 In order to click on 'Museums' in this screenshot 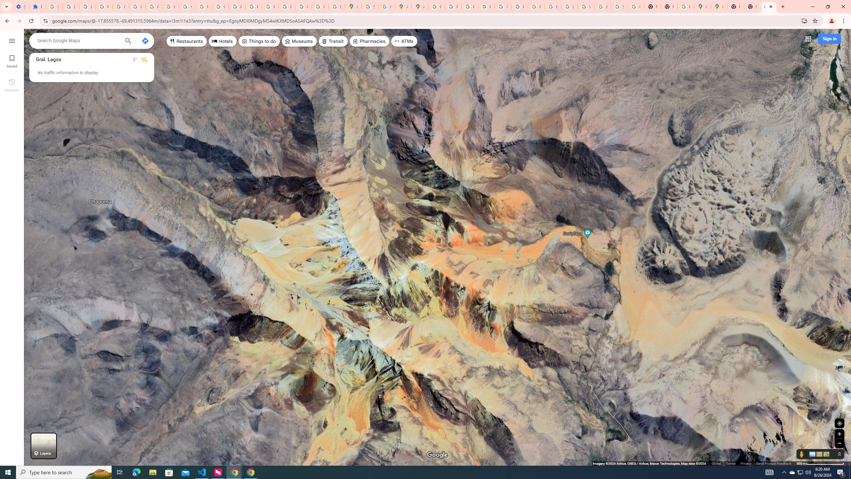, I will do `click(299, 41)`.